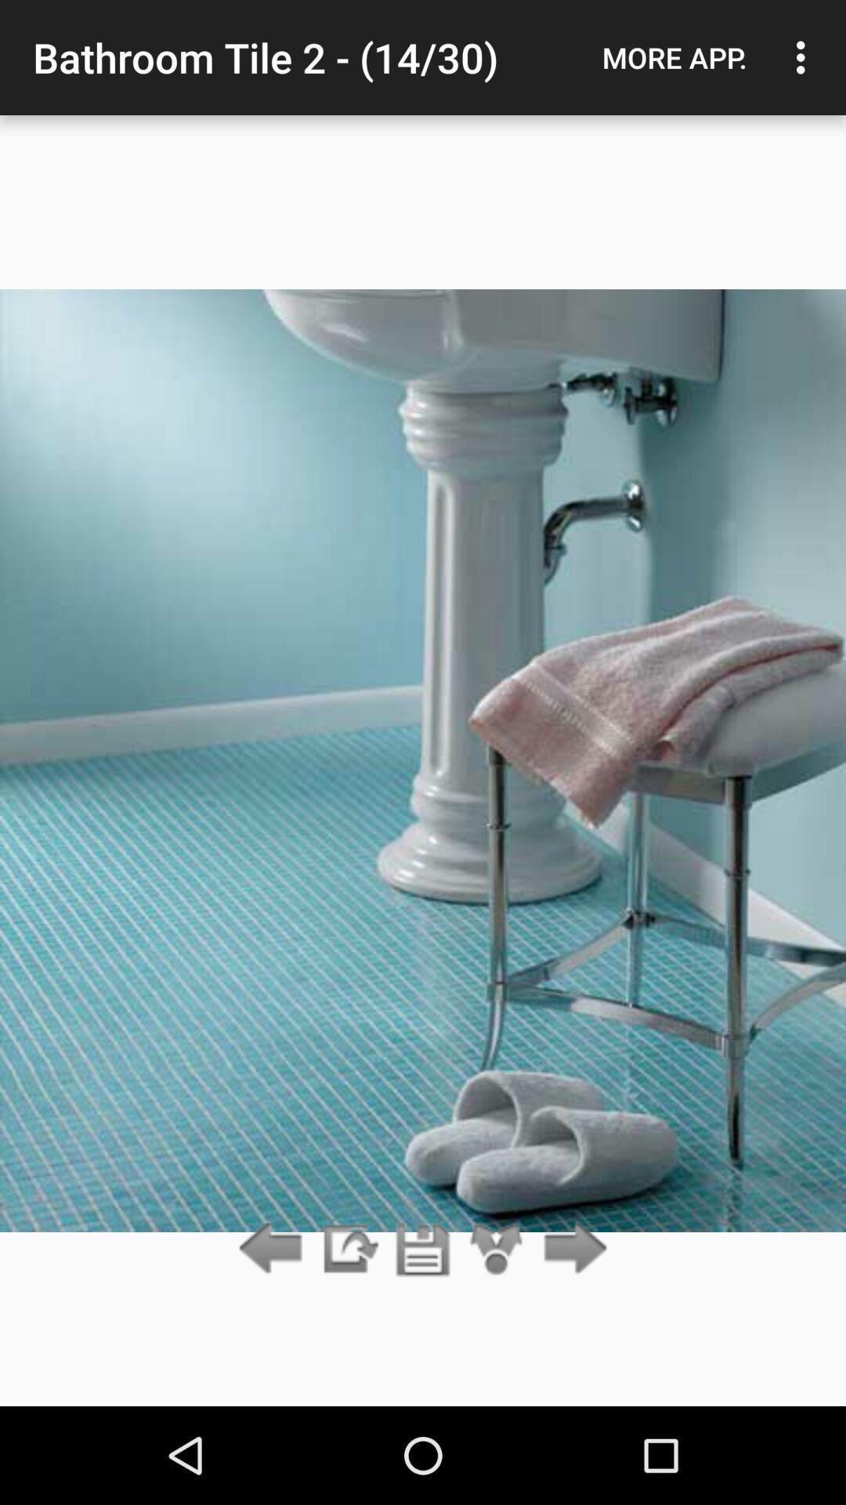 The width and height of the screenshot is (846, 1505). What do you see at coordinates (274, 1249) in the screenshot?
I see `the arrow_backward icon` at bounding box center [274, 1249].